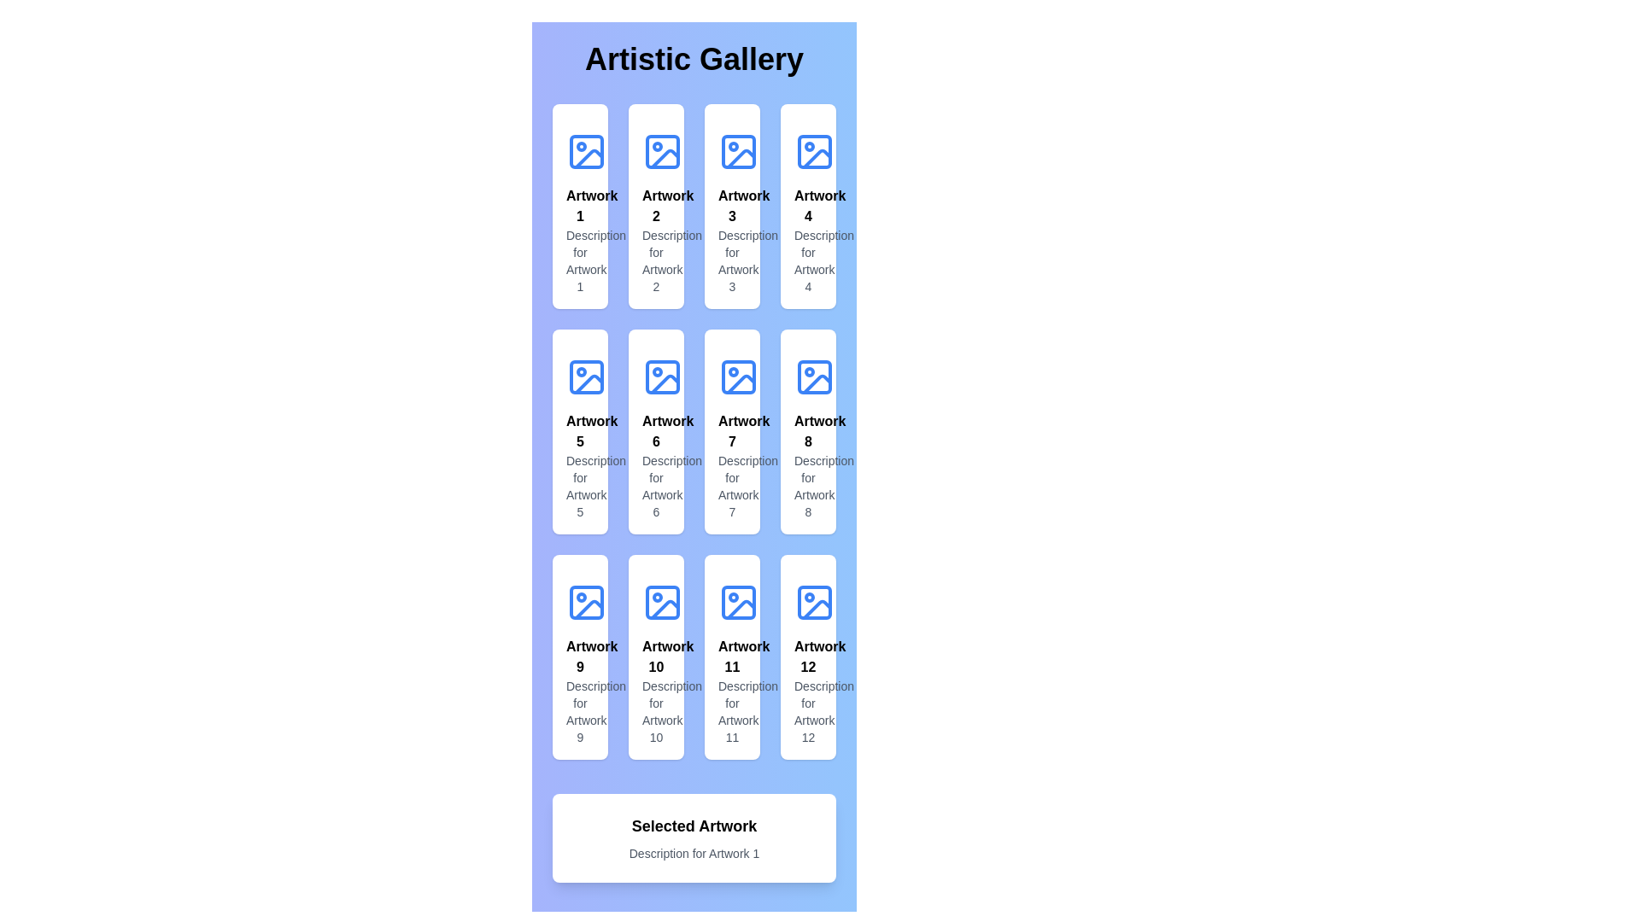 The height and width of the screenshot is (922, 1640). Describe the element at coordinates (807, 206) in the screenshot. I see `the fourth rectangular card in the grid layout, which has a blue image icon, bold text 'Artwork 4', and a description below it` at that location.